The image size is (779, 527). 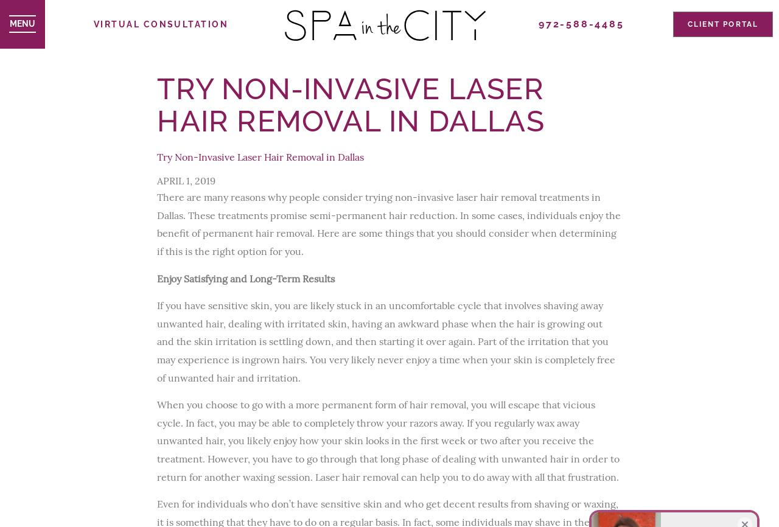 What do you see at coordinates (245, 277) in the screenshot?
I see `'Enjoy Satisfying and Long-Term Results'` at bounding box center [245, 277].